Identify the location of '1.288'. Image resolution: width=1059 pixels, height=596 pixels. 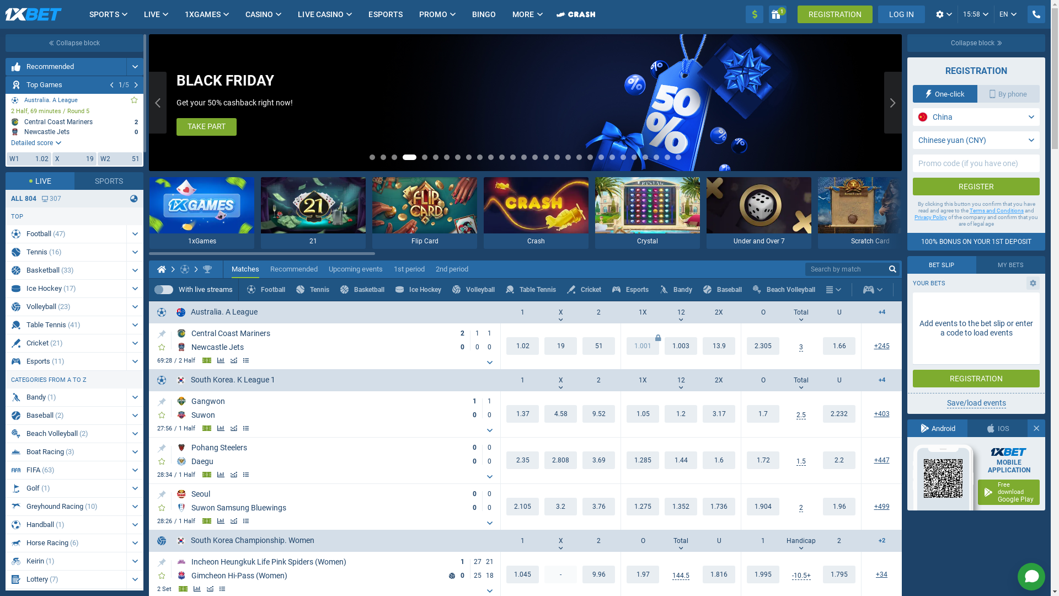
(643, 460).